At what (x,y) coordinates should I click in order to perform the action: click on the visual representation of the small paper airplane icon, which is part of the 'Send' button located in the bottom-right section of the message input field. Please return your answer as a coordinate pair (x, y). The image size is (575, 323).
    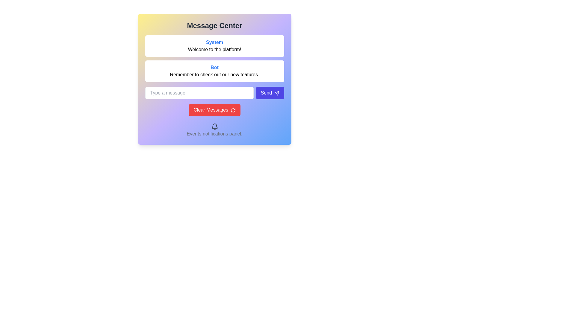
    Looking at the image, I should click on (276, 93).